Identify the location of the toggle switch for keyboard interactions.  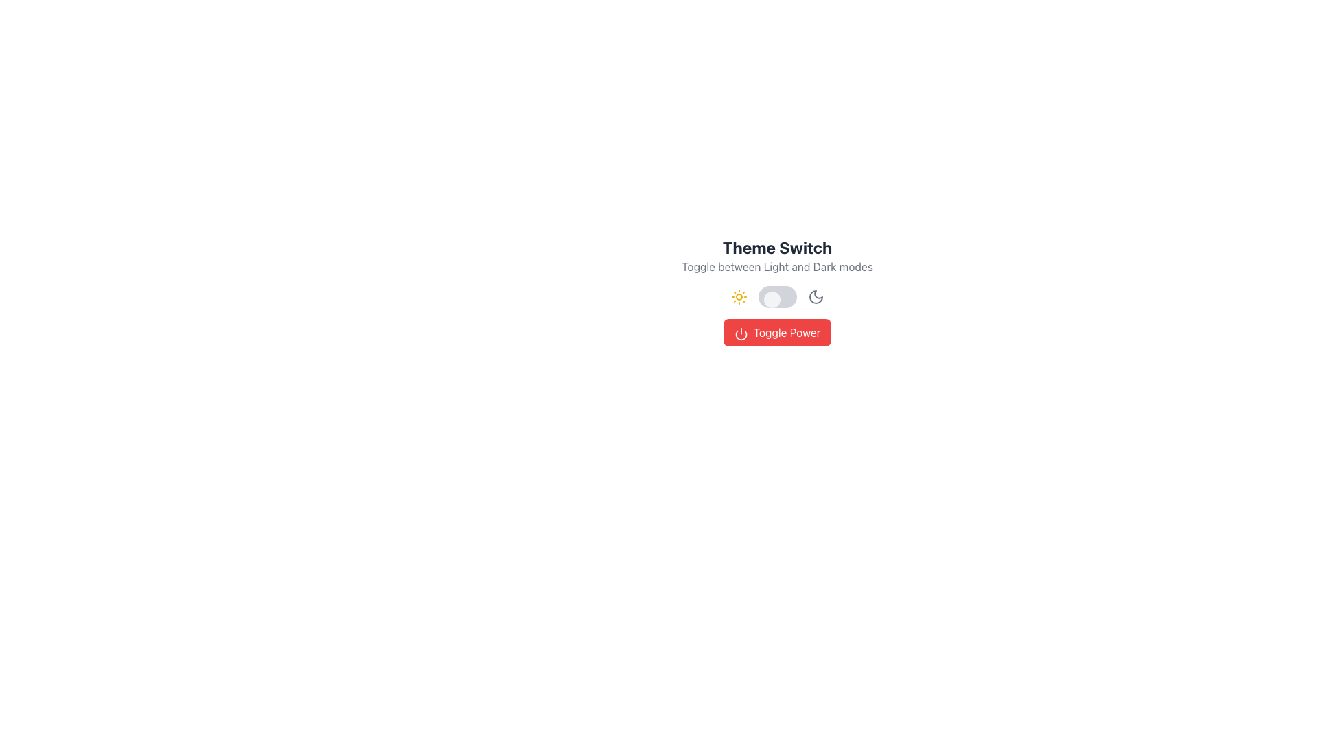
(777, 296).